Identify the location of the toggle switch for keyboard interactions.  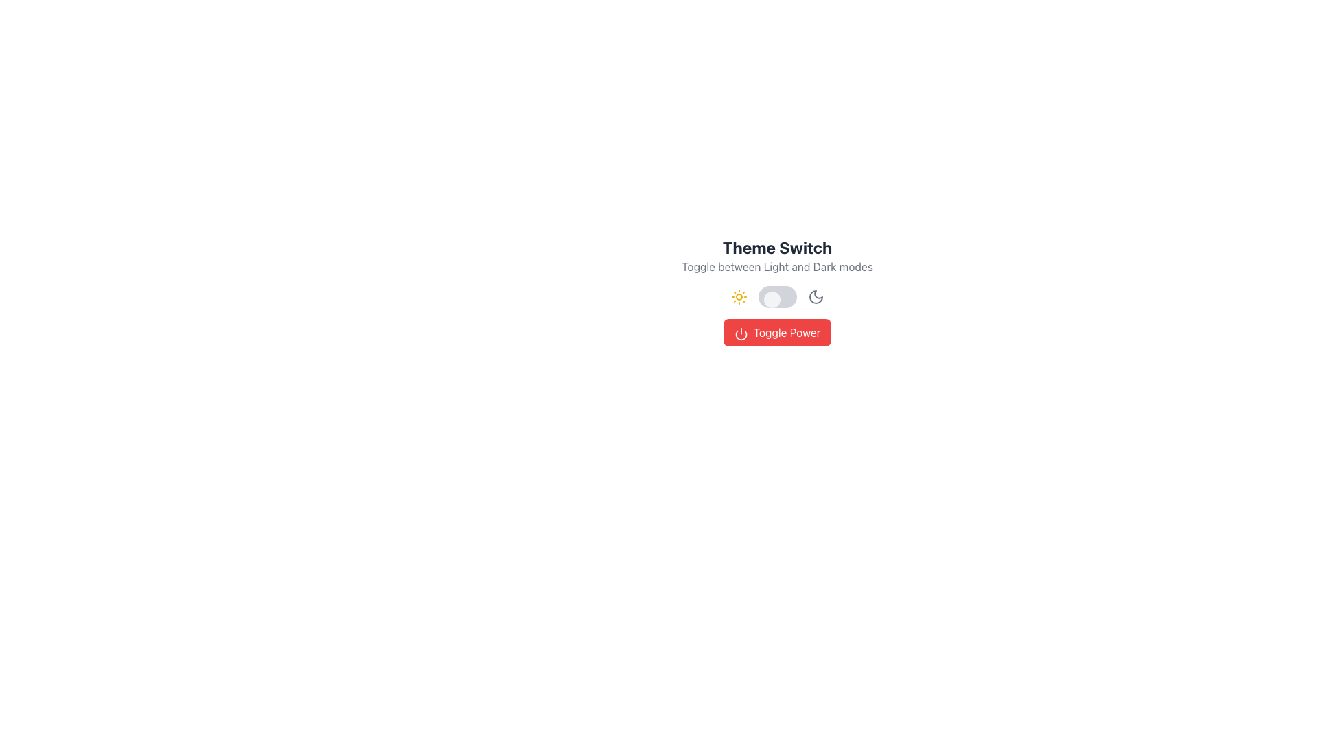
(777, 296).